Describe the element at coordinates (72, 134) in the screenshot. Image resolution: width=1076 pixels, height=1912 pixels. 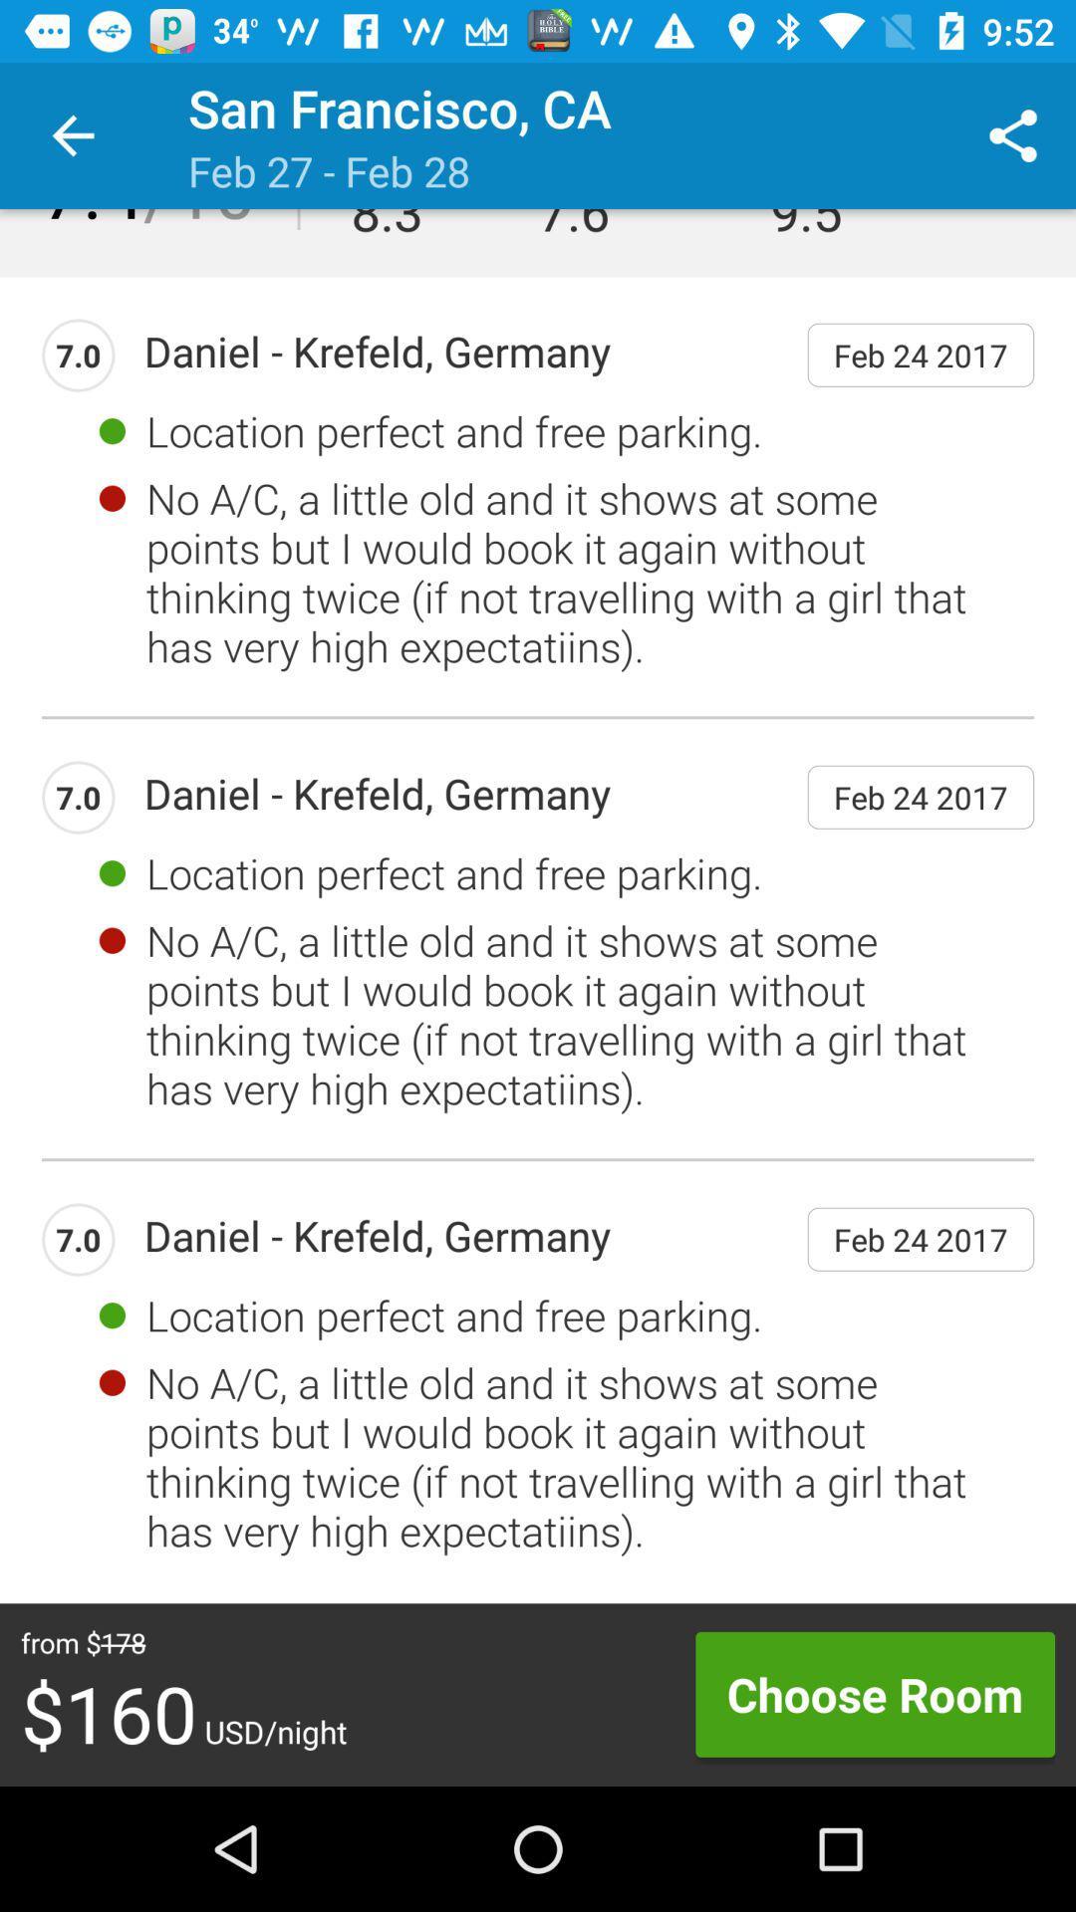
I see `item above the 7.4/10 item` at that location.